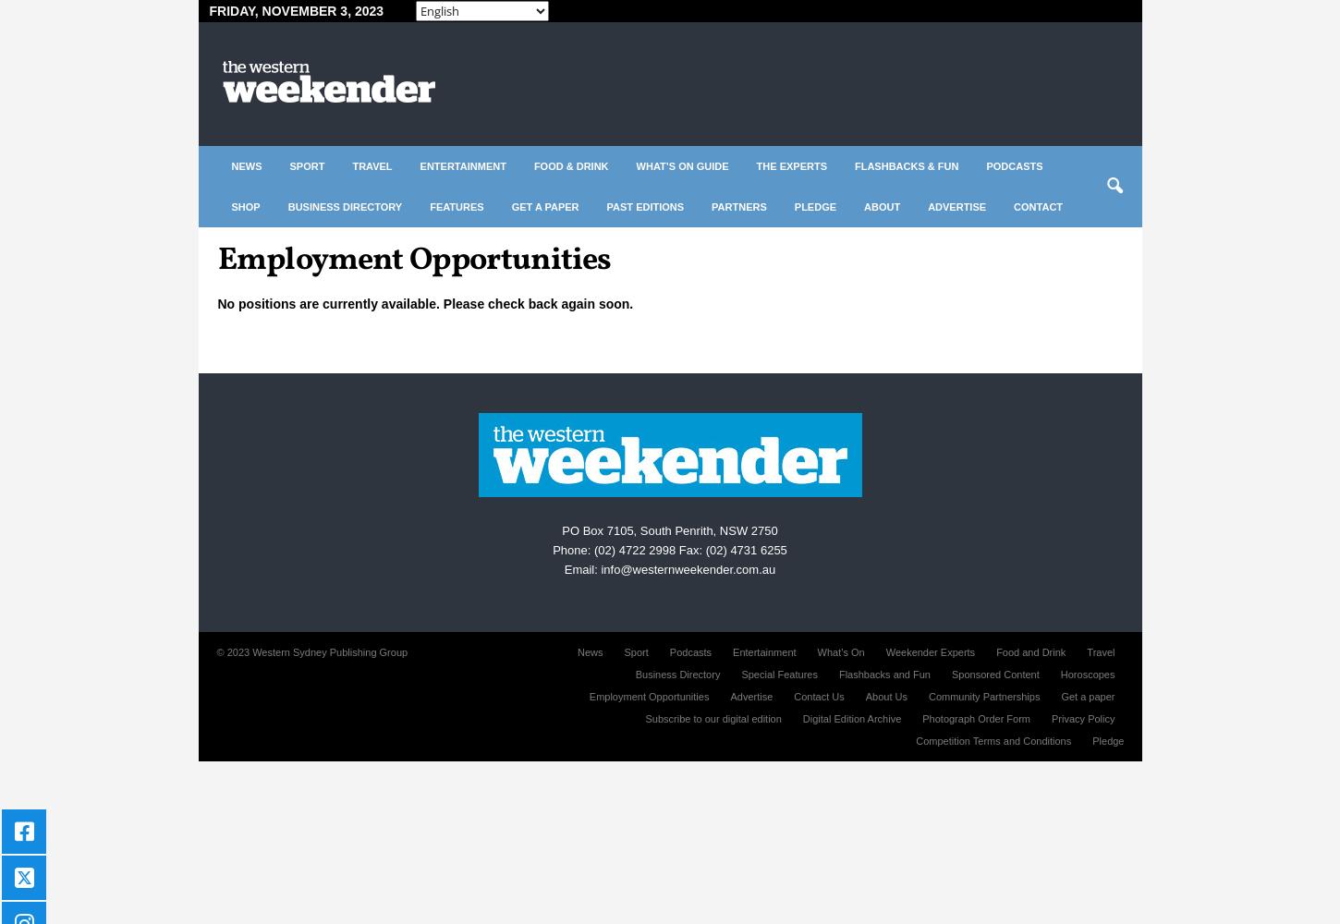  I want to click on 'Search', so click(668, 74).